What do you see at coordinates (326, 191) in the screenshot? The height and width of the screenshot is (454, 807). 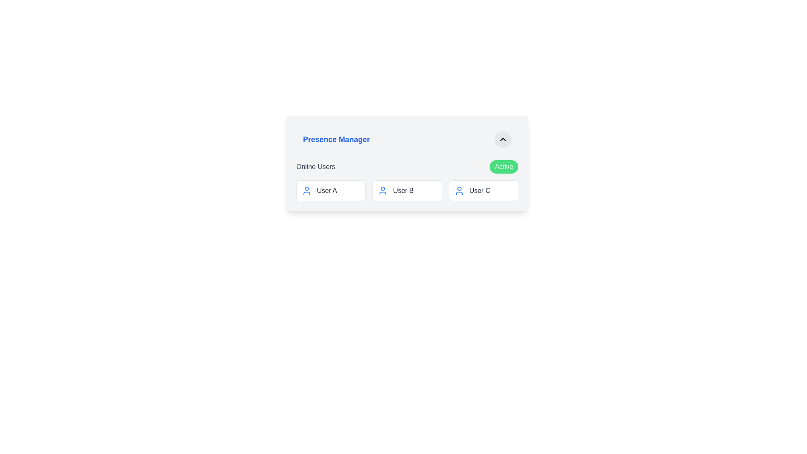 I see `text displayed in the 'User A' element, which is a medium gray-colored text within a user card, positioned to the right of a user profile SVG icon` at bounding box center [326, 191].